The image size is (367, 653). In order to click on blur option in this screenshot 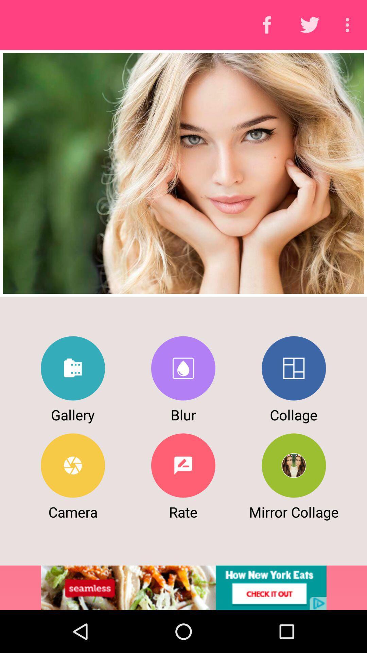, I will do `click(183, 368)`.